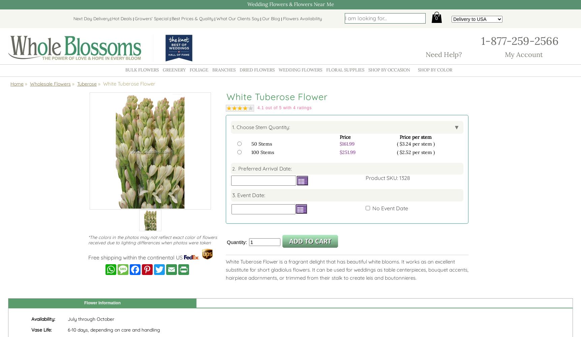 This screenshot has height=337, width=581. What do you see at coordinates (347, 269) in the screenshot?
I see `'White Tuberose Flower is a fragrant delight that has beautiful white blooms. It works as an excellent substitute for short gladiolus flowers. It can be used for weddings as table centerpieces, bouquet accents, hairpiece adornments, or trimmed from their stalk to create leis and boutonnieres.'` at bounding box center [347, 269].